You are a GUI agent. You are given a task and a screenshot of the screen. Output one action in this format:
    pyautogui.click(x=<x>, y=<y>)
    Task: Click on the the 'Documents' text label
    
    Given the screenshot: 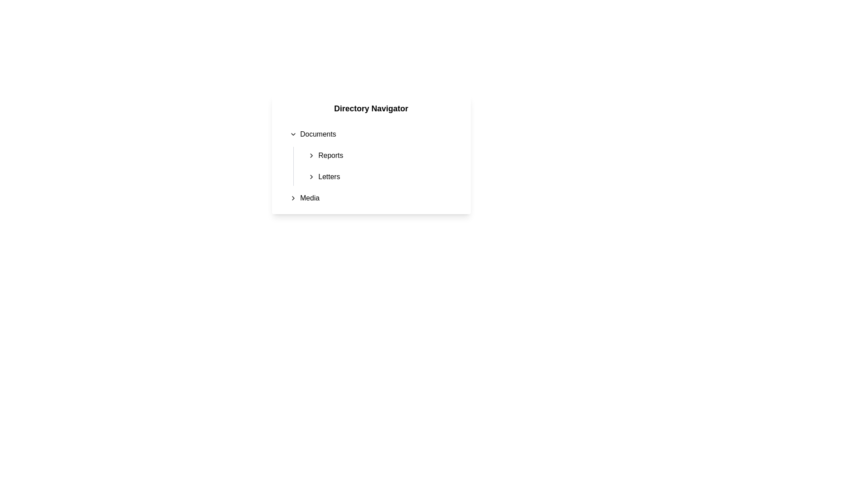 What is the action you would take?
    pyautogui.click(x=318, y=134)
    